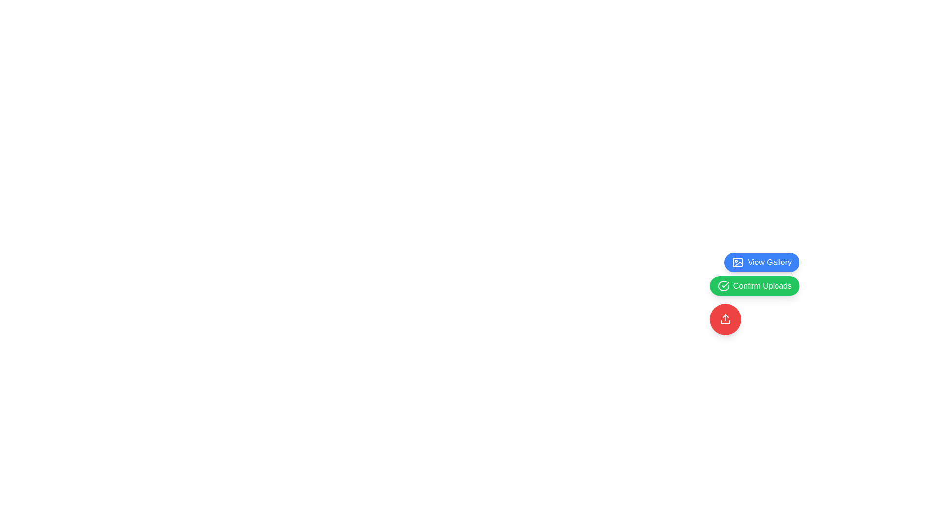 The height and width of the screenshot is (529, 940). I want to click on the red circular upload button located at the bottom-right of the interface, so click(725, 319).